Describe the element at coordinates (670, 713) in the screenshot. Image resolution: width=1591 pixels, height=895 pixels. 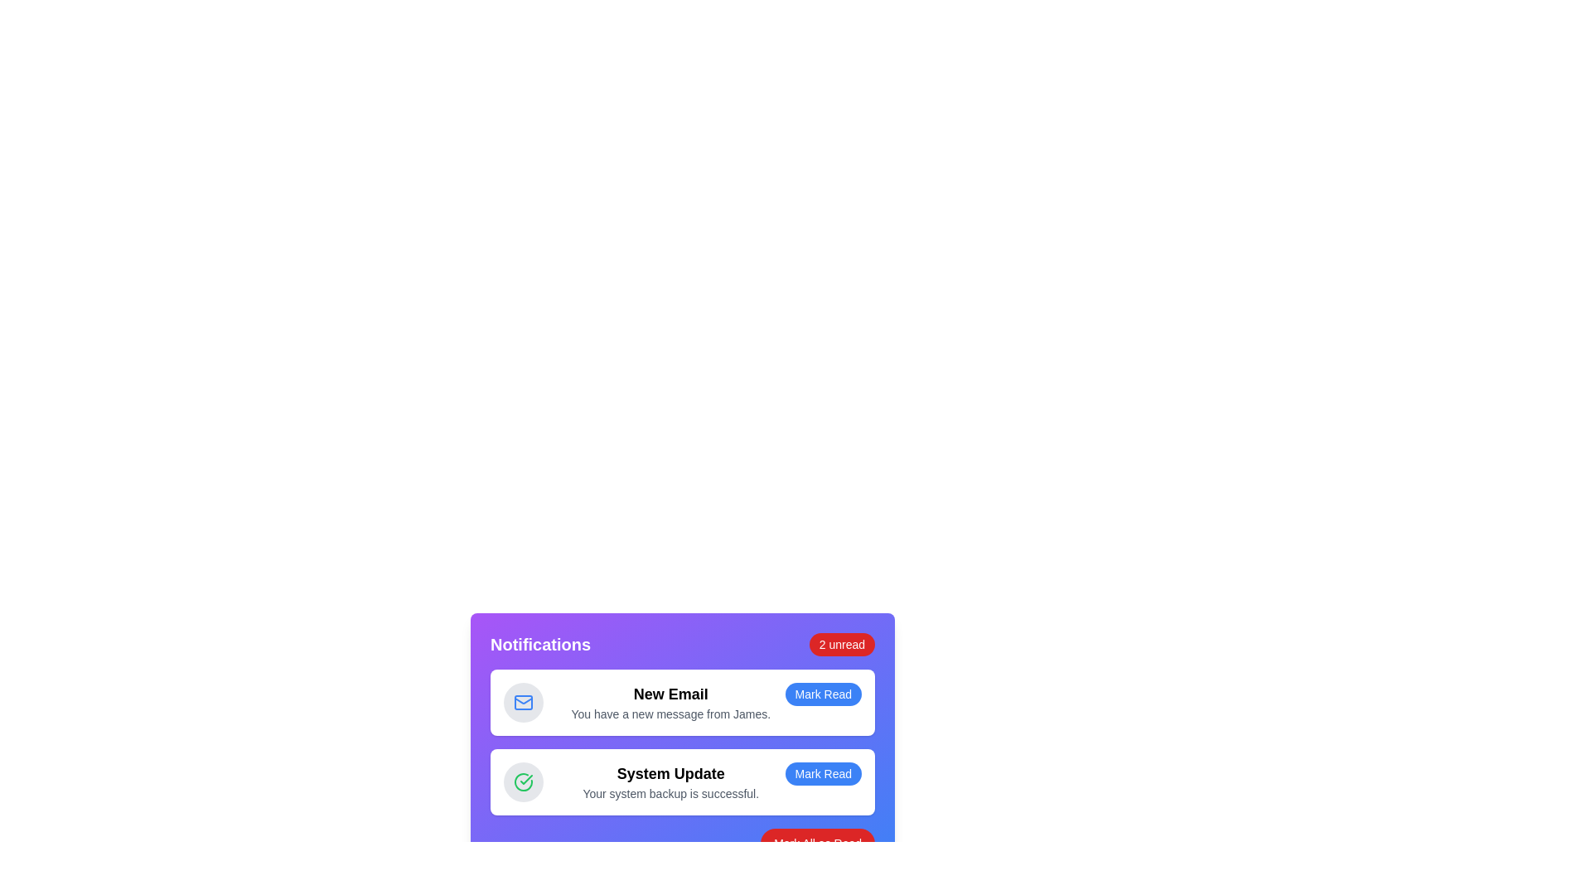
I see `the static text display that provides supplementary information to the 'New Email' notification title, located directly underneath the bold title within the notification card` at that location.